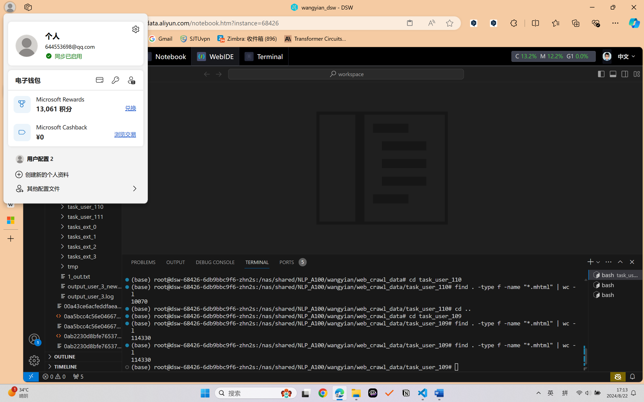 The height and width of the screenshot is (402, 644). Describe the element at coordinates (614, 275) in the screenshot. I see `'Terminal 1 bash'` at that location.